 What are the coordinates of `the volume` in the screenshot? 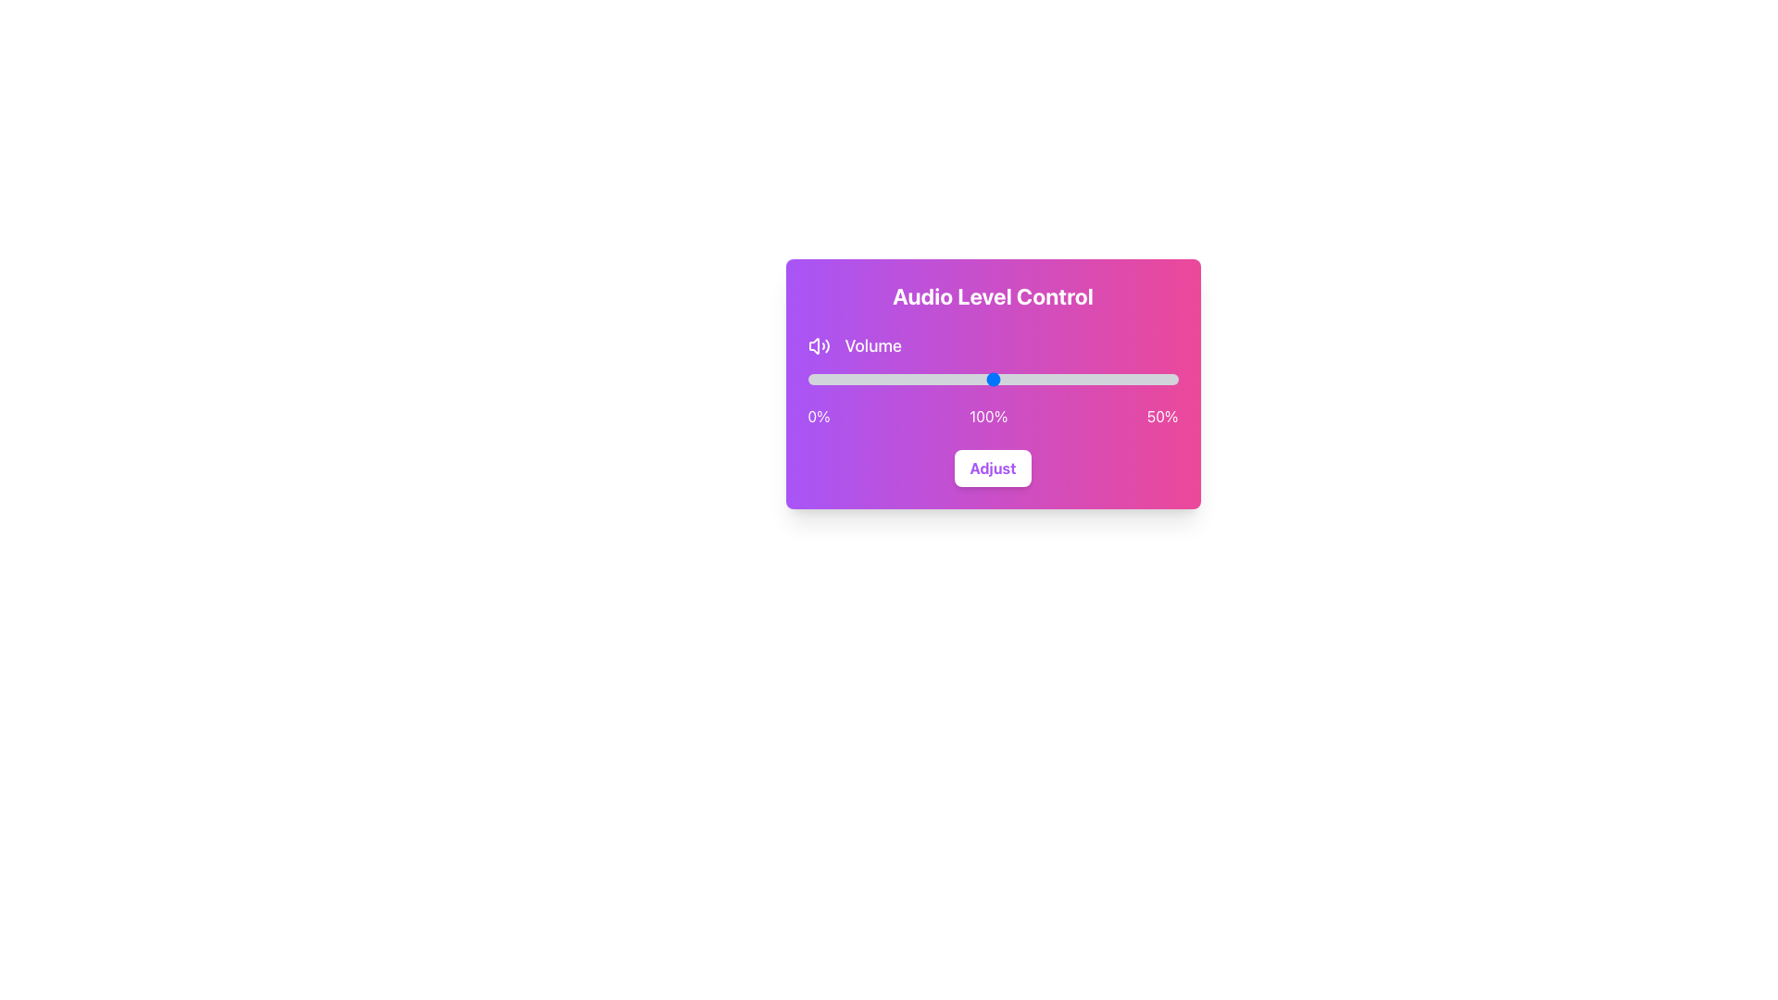 It's located at (973, 378).